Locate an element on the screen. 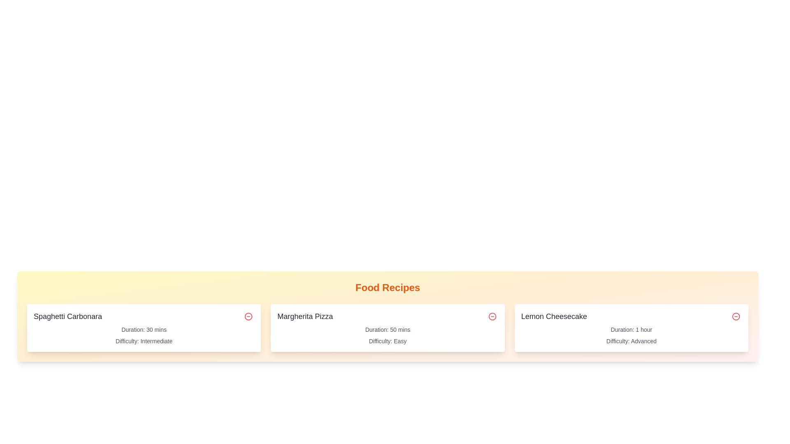  the card titled 'Margherita Pizza' with a white background and rounded corners, located in the center of a 3-column grid of recipe cards is located at coordinates (387, 328).